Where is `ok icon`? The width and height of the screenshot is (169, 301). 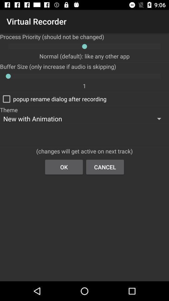
ok icon is located at coordinates (64, 166).